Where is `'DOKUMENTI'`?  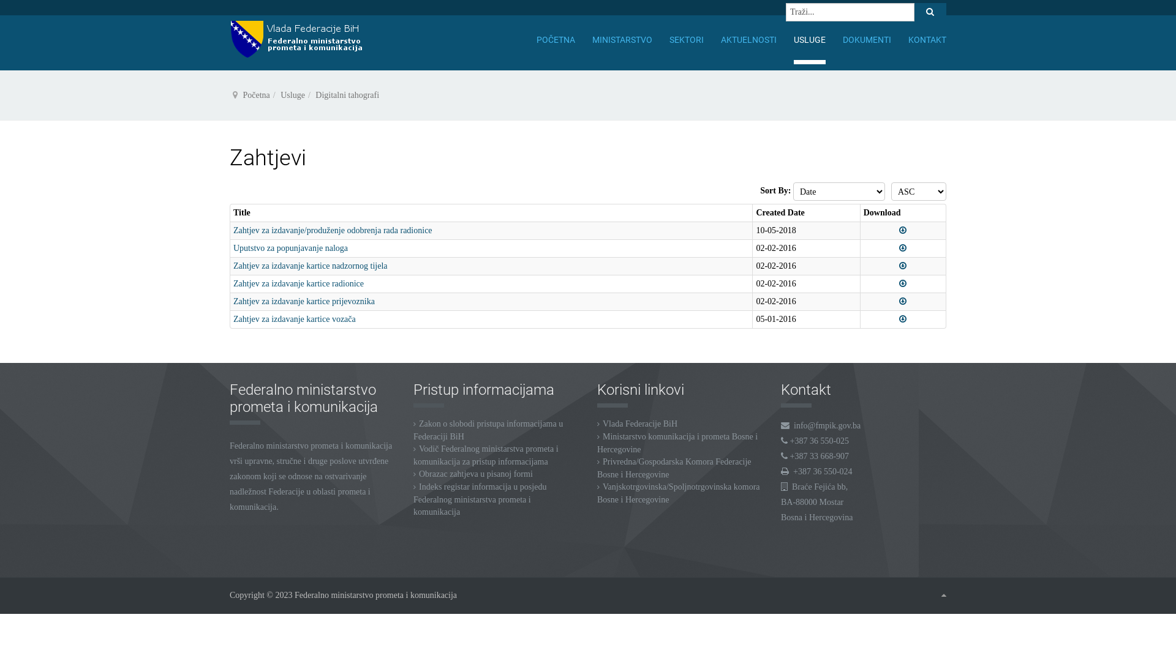
'DOKUMENTI' is located at coordinates (866, 39).